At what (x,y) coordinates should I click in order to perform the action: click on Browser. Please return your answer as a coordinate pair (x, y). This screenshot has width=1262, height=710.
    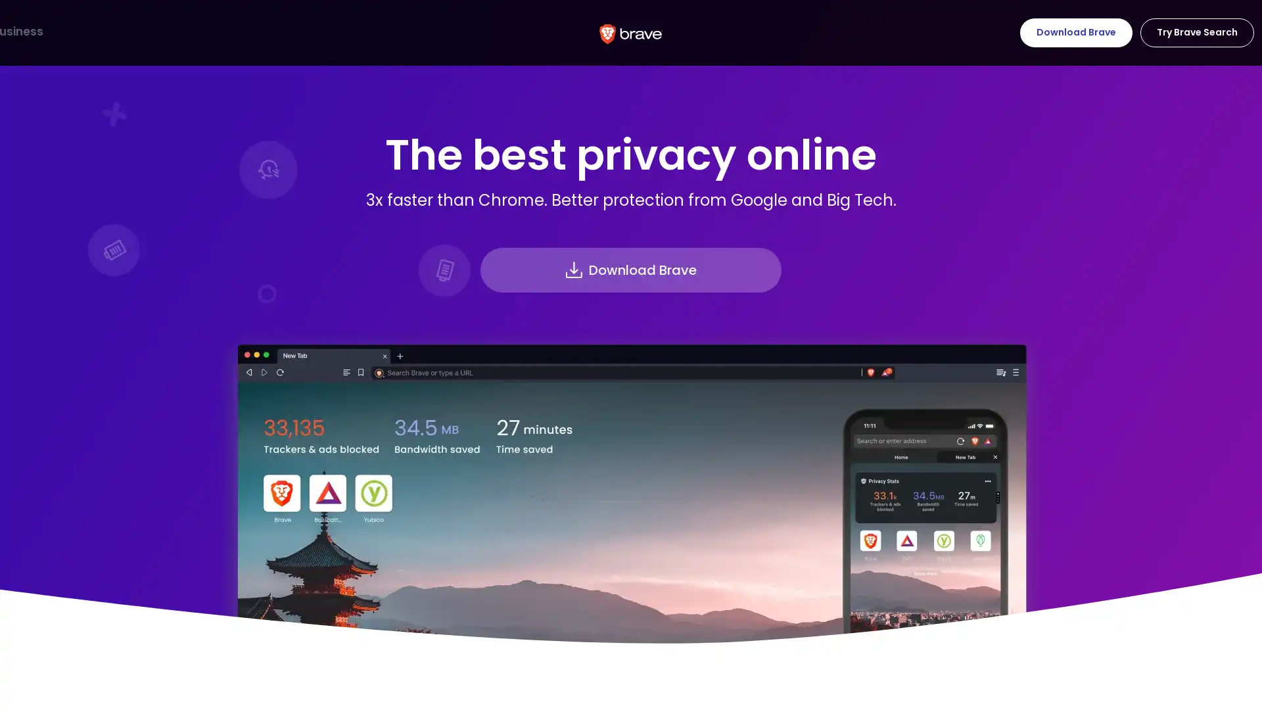
    Looking at the image, I should click on (39, 32).